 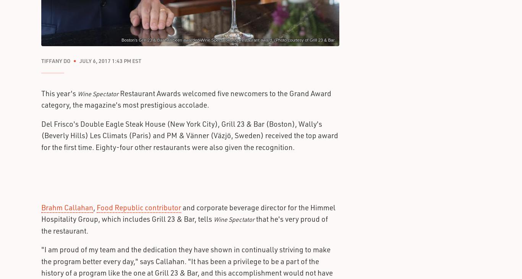 I want to click on 'that he's very proud of the restaurant.', so click(x=185, y=224).